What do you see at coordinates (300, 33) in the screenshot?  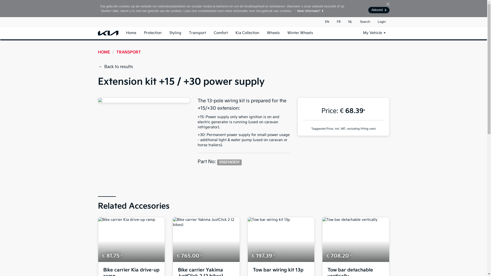 I see `'Winter Wheels'` at bounding box center [300, 33].